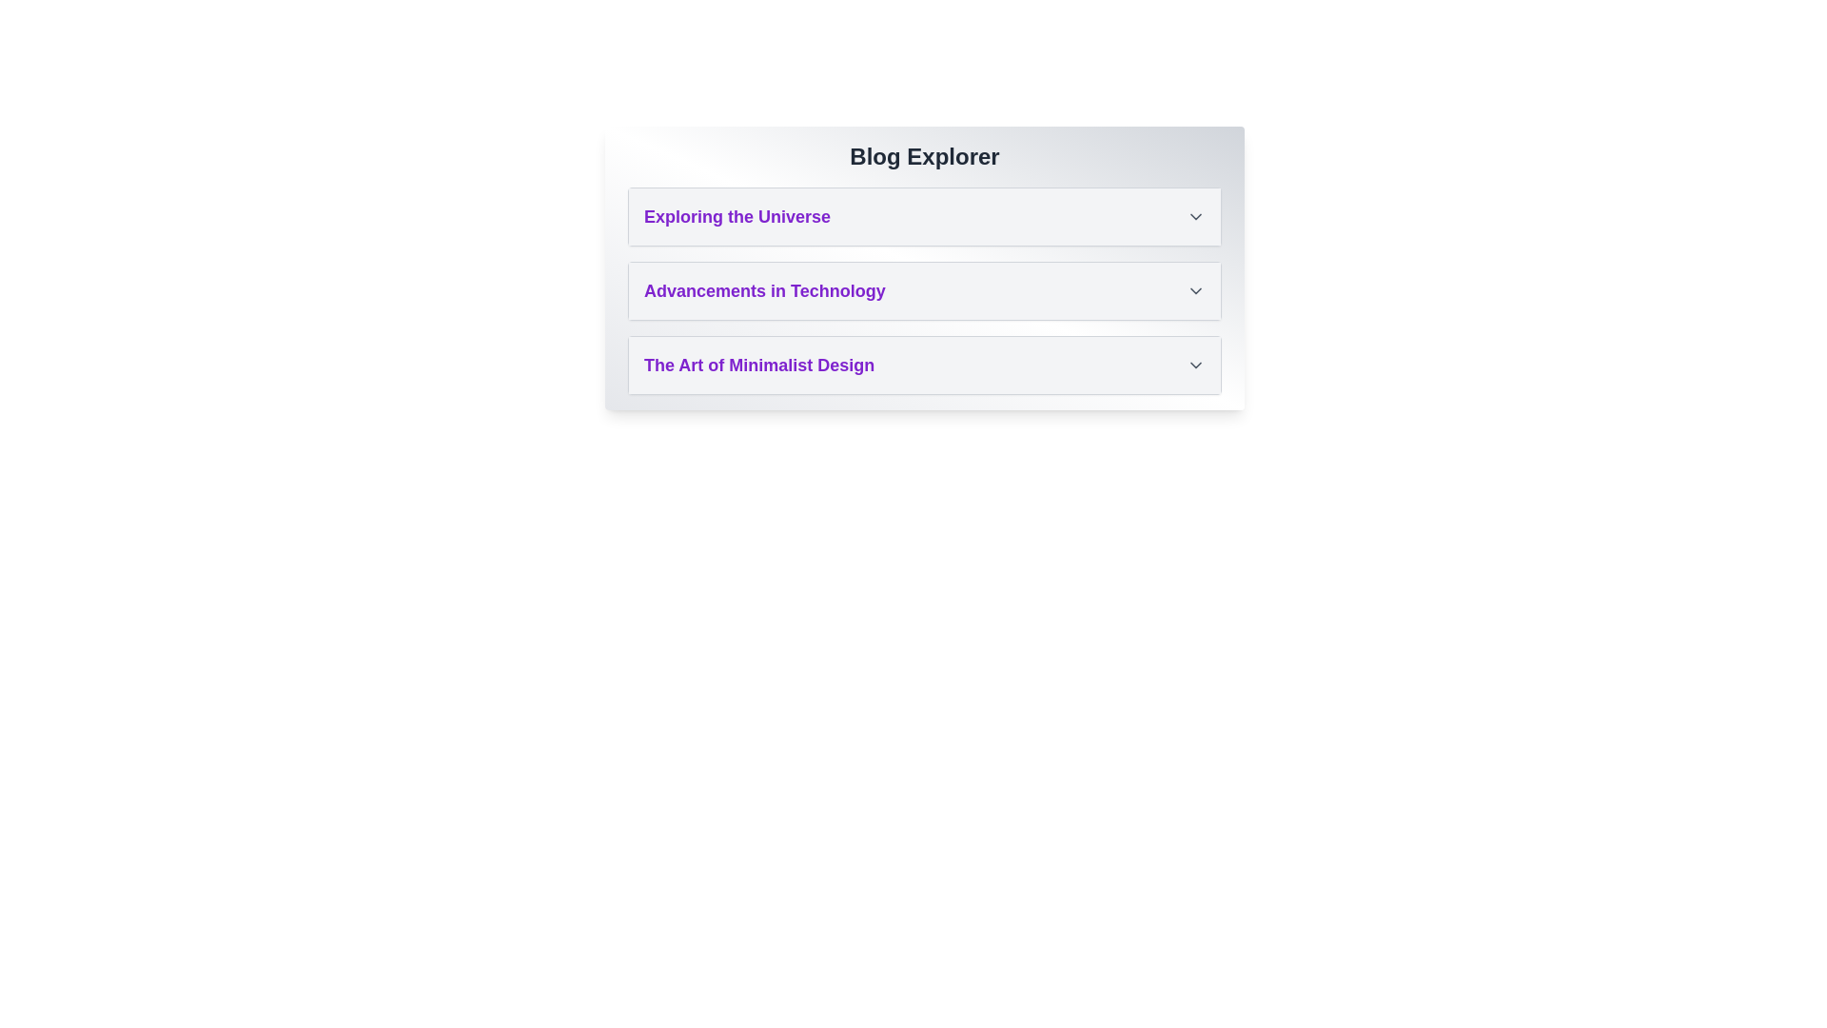  Describe the element at coordinates (924, 267) in the screenshot. I see `the 'Advancements in Technology' item in the collapsible 'Blog Explorer' section` at that location.